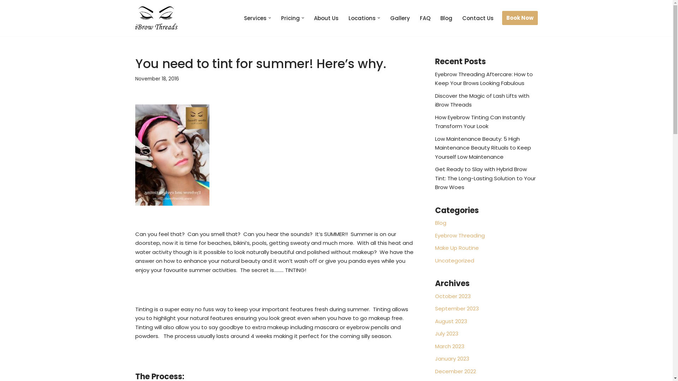  Describe the element at coordinates (0, 15) in the screenshot. I see `'Skip to content'` at that location.